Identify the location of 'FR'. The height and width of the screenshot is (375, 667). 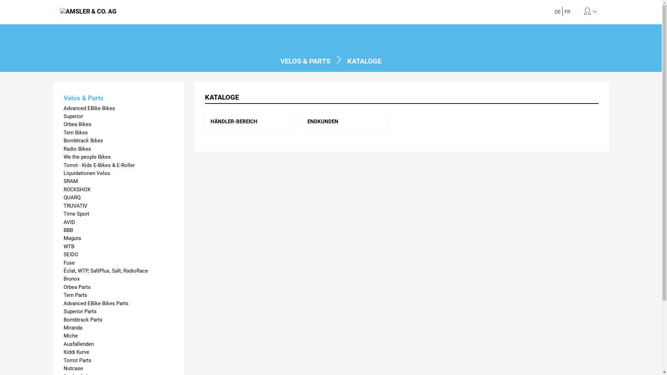
(567, 12).